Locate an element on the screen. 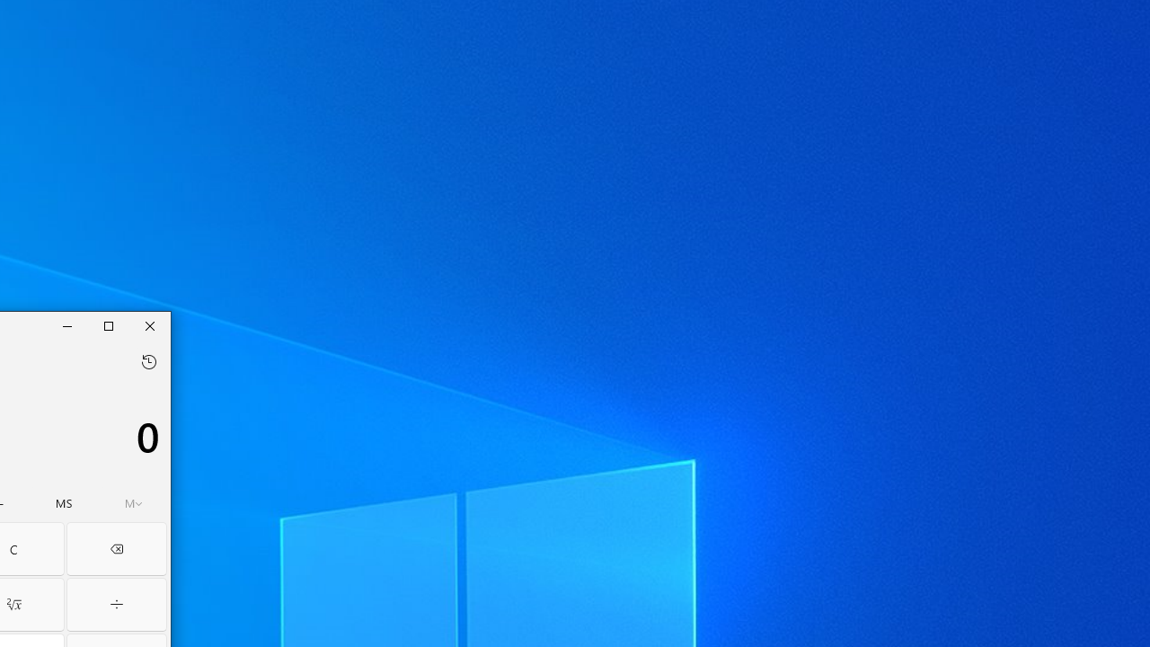  'Maximize Calculator' is located at coordinates (107, 325).